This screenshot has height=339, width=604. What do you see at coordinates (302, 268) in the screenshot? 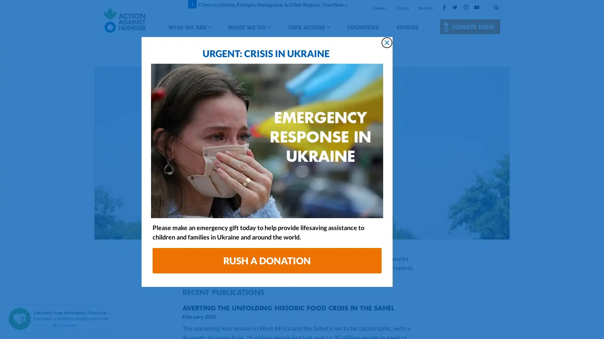
I see `RUSH A DONATION` at bounding box center [302, 268].